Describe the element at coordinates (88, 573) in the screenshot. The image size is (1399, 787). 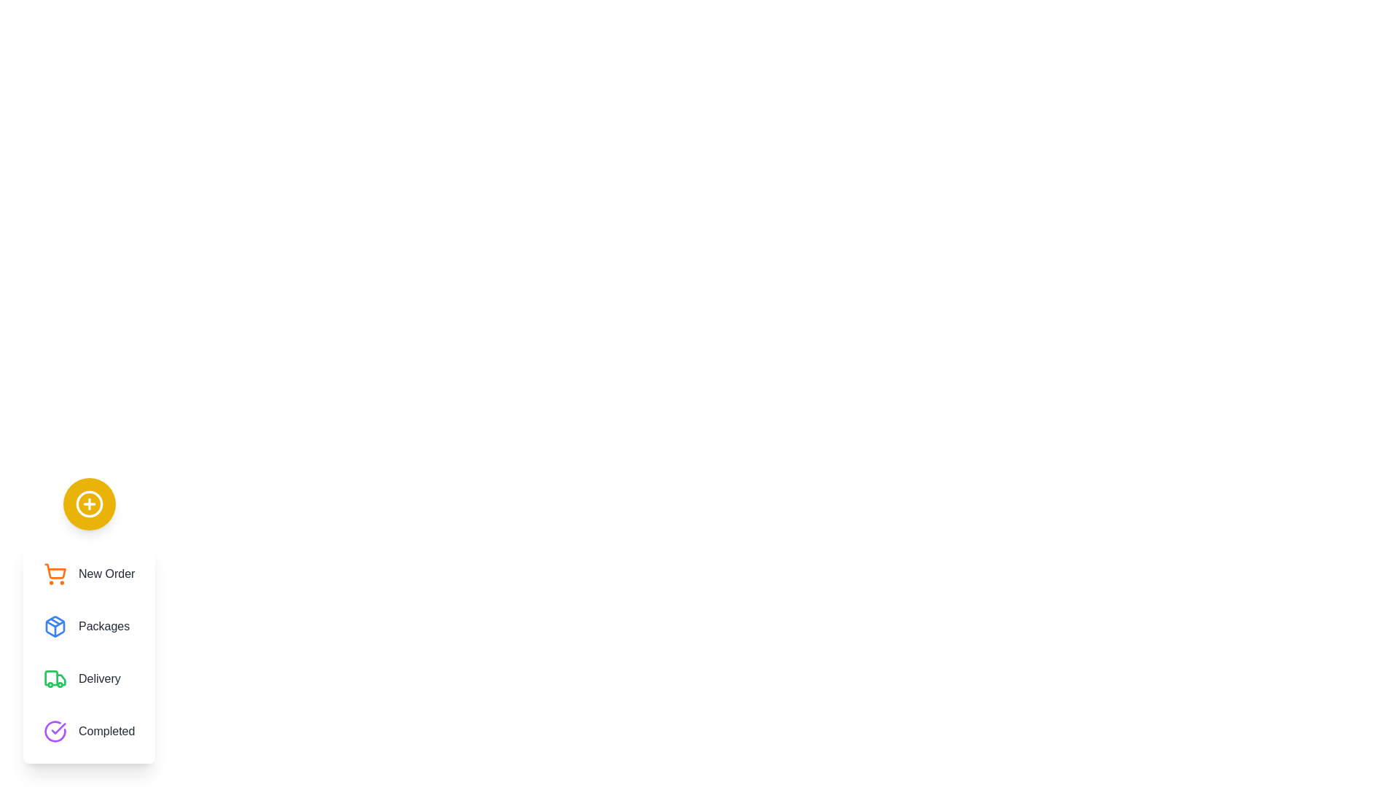
I see `the menu option New Order from the speed dial menu` at that location.